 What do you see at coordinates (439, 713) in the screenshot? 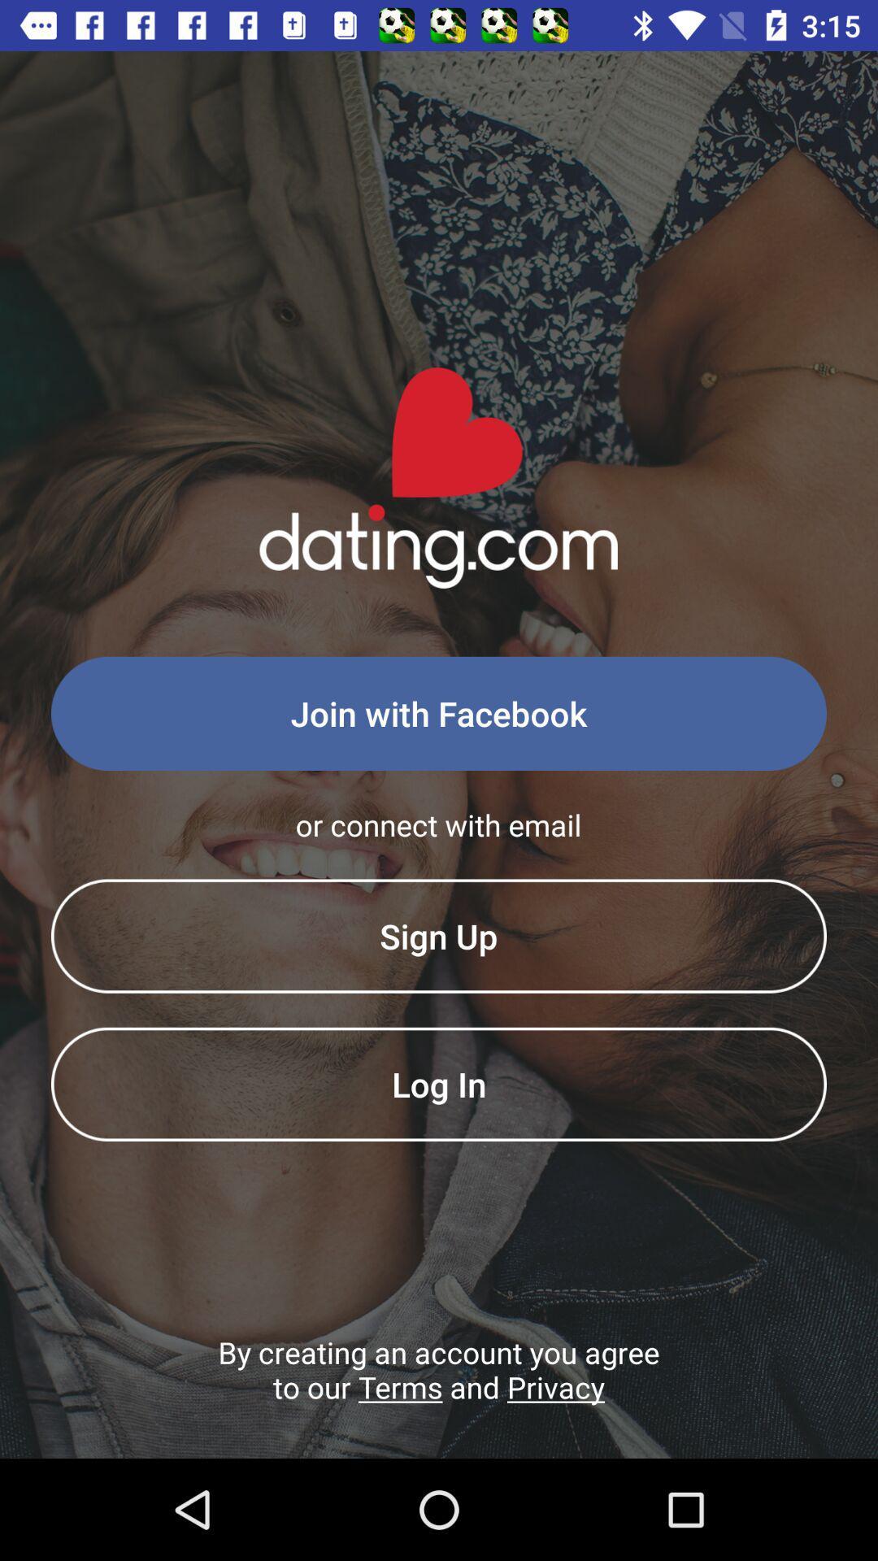
I see `item above the or connect with` at bounding box center [439, 713].